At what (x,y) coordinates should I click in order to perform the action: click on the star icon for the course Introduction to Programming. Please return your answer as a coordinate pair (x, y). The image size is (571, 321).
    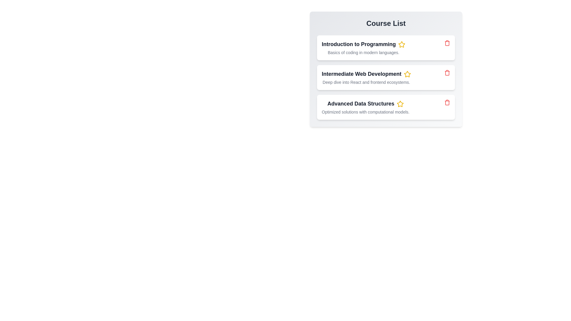
    Looking at the image, I should click on (401, 44).